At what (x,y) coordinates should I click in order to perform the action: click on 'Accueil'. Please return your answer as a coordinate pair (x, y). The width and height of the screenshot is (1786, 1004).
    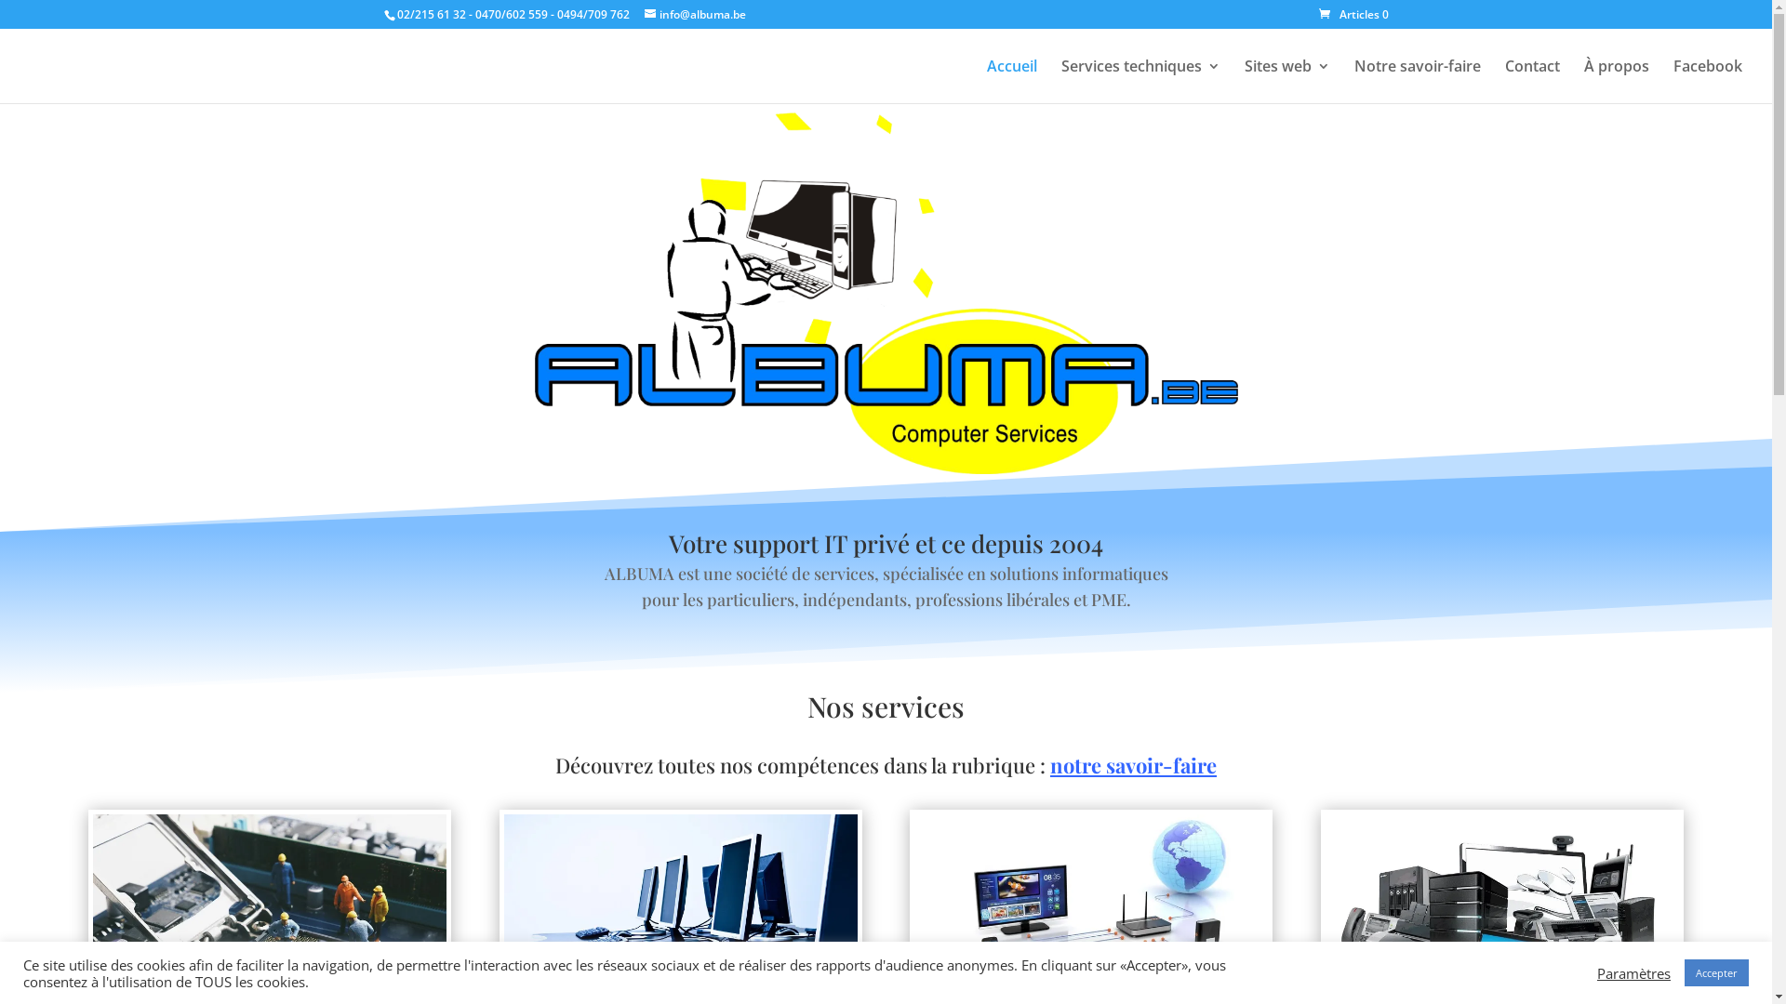
    Looking at the image, I should click on (1011, 80).